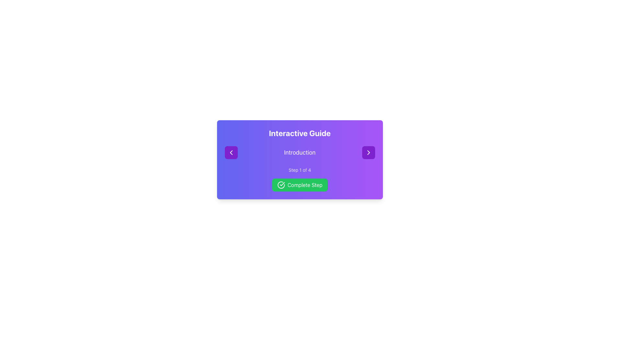  I want to click on the square button with rounded corners and a purple background featuring a left-facing arrow icon, so click(231, 152).